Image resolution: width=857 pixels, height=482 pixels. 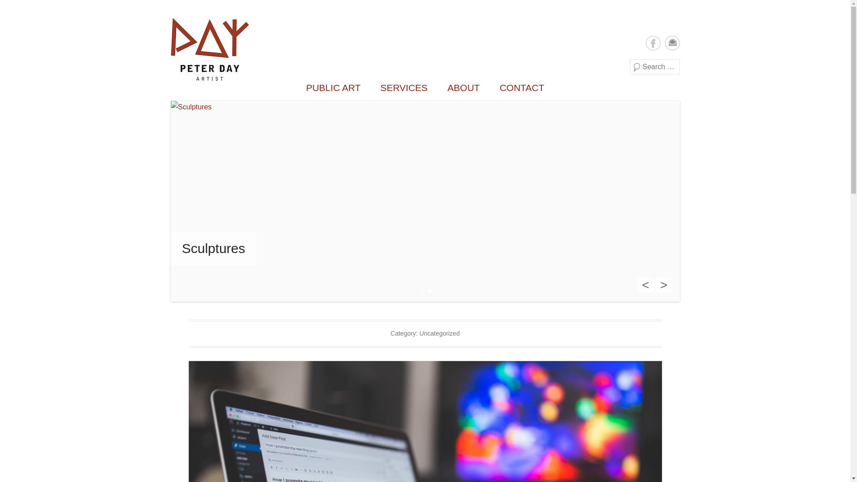 I want to click on 'Skip to content', so click(x=171, y=17).